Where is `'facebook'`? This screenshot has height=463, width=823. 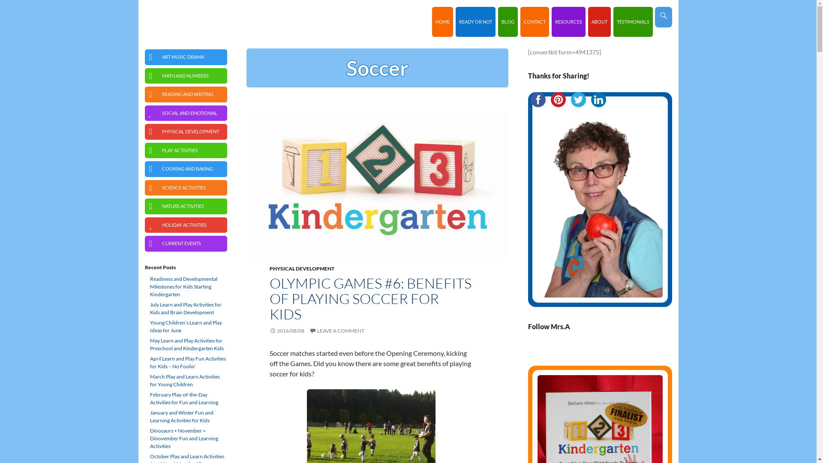
'facebook' is located at coordinates (538, 99).